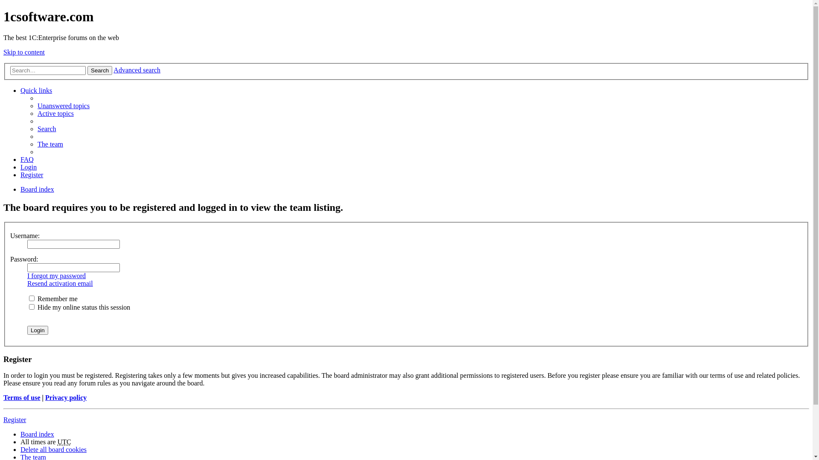 The height and width of the screenshot is (460, 819). I want to click on 'Delete all board cookies', so click(53, 449).